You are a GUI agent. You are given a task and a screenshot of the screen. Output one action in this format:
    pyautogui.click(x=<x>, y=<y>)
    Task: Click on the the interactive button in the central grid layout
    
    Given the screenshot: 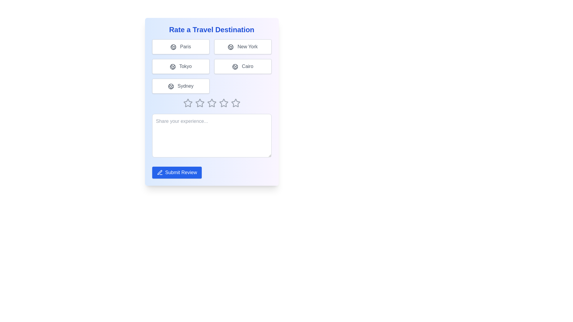 What is the action you would take?
    pyautogui.click(x=212, y=66)
    